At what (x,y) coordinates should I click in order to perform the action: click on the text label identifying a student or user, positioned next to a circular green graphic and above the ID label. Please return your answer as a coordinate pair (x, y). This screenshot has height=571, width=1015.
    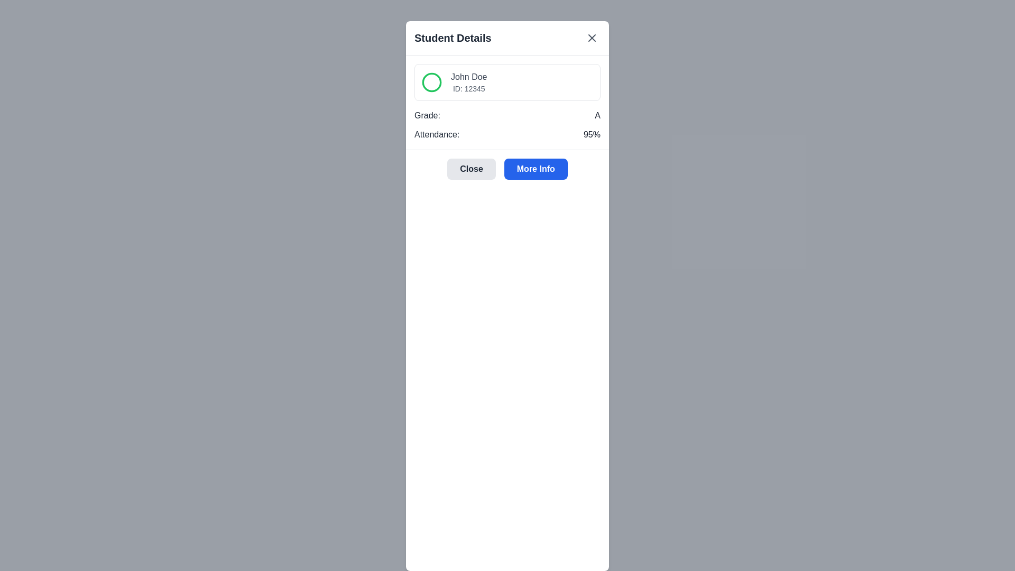
    Looking at the image, I should click on (468, 77).